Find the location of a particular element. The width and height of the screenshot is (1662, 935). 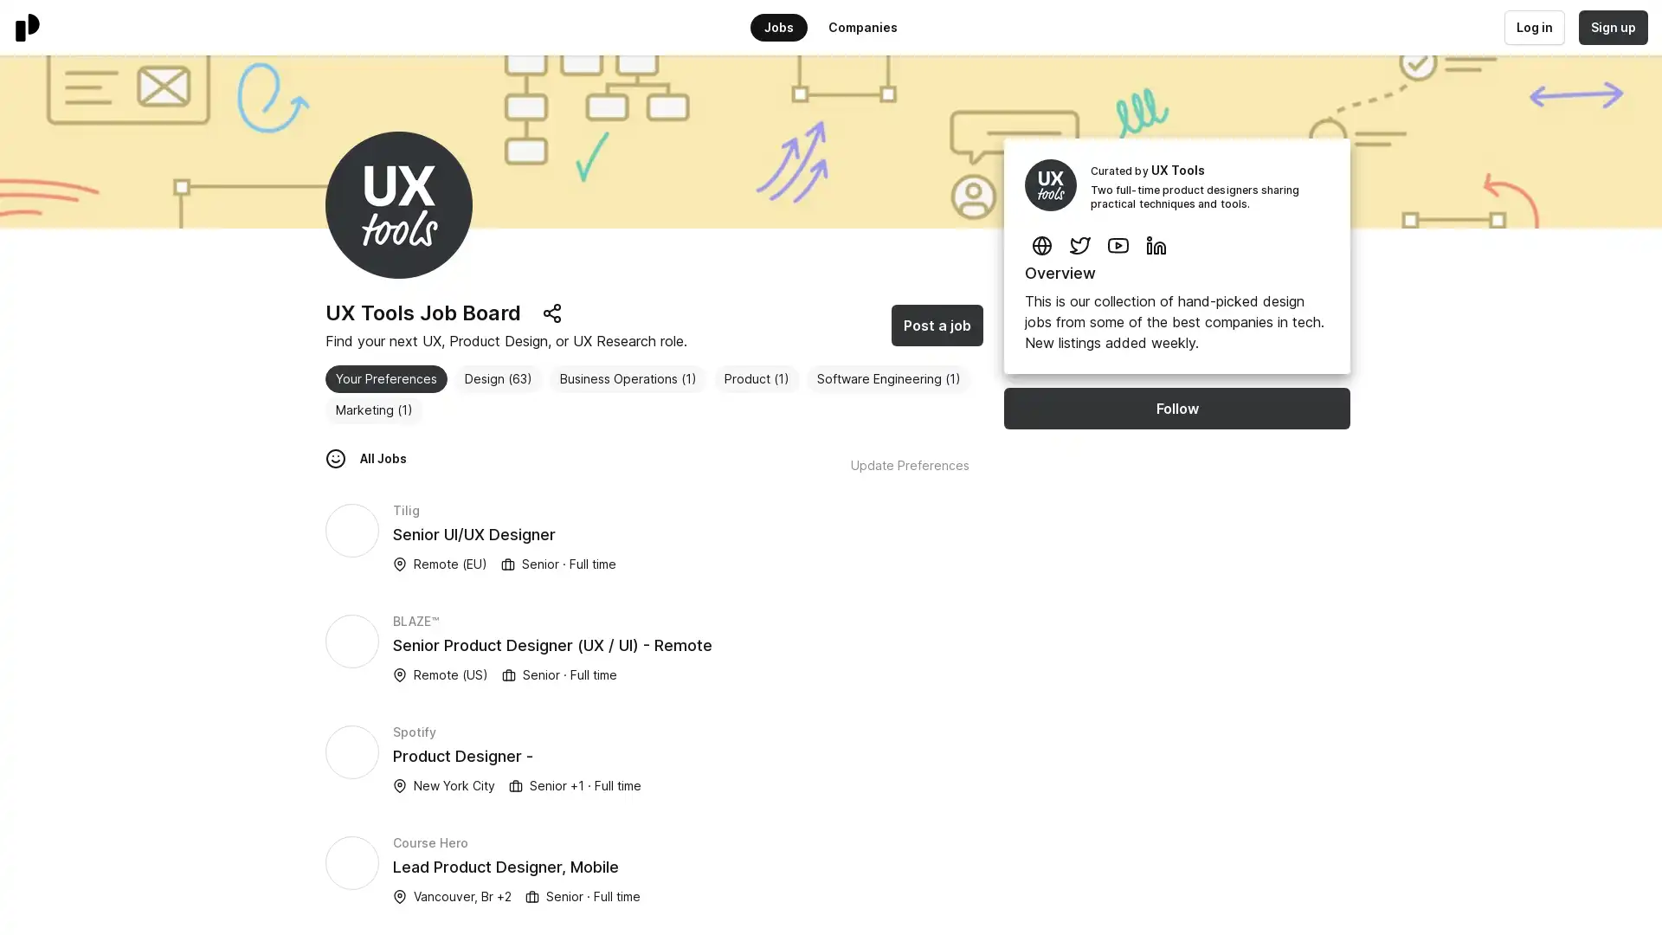

Post a job is located at coordinates (937, 325).